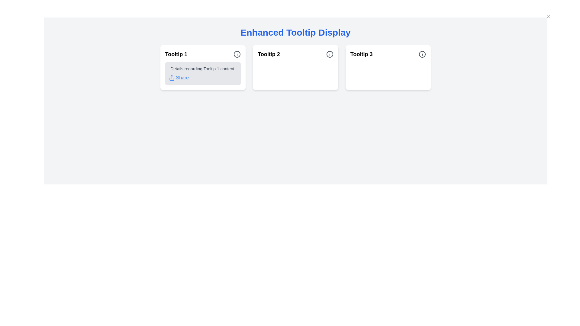 Image resolution: width=580 pixels, height=326 pixels. What do you see at coordinates (361, 54) in the screenshot?
I see `the heading text 'Tooltip 3' which is displayed in bold and oversized font, located at the top-left area of the third card` at bounding box center [361, 54].